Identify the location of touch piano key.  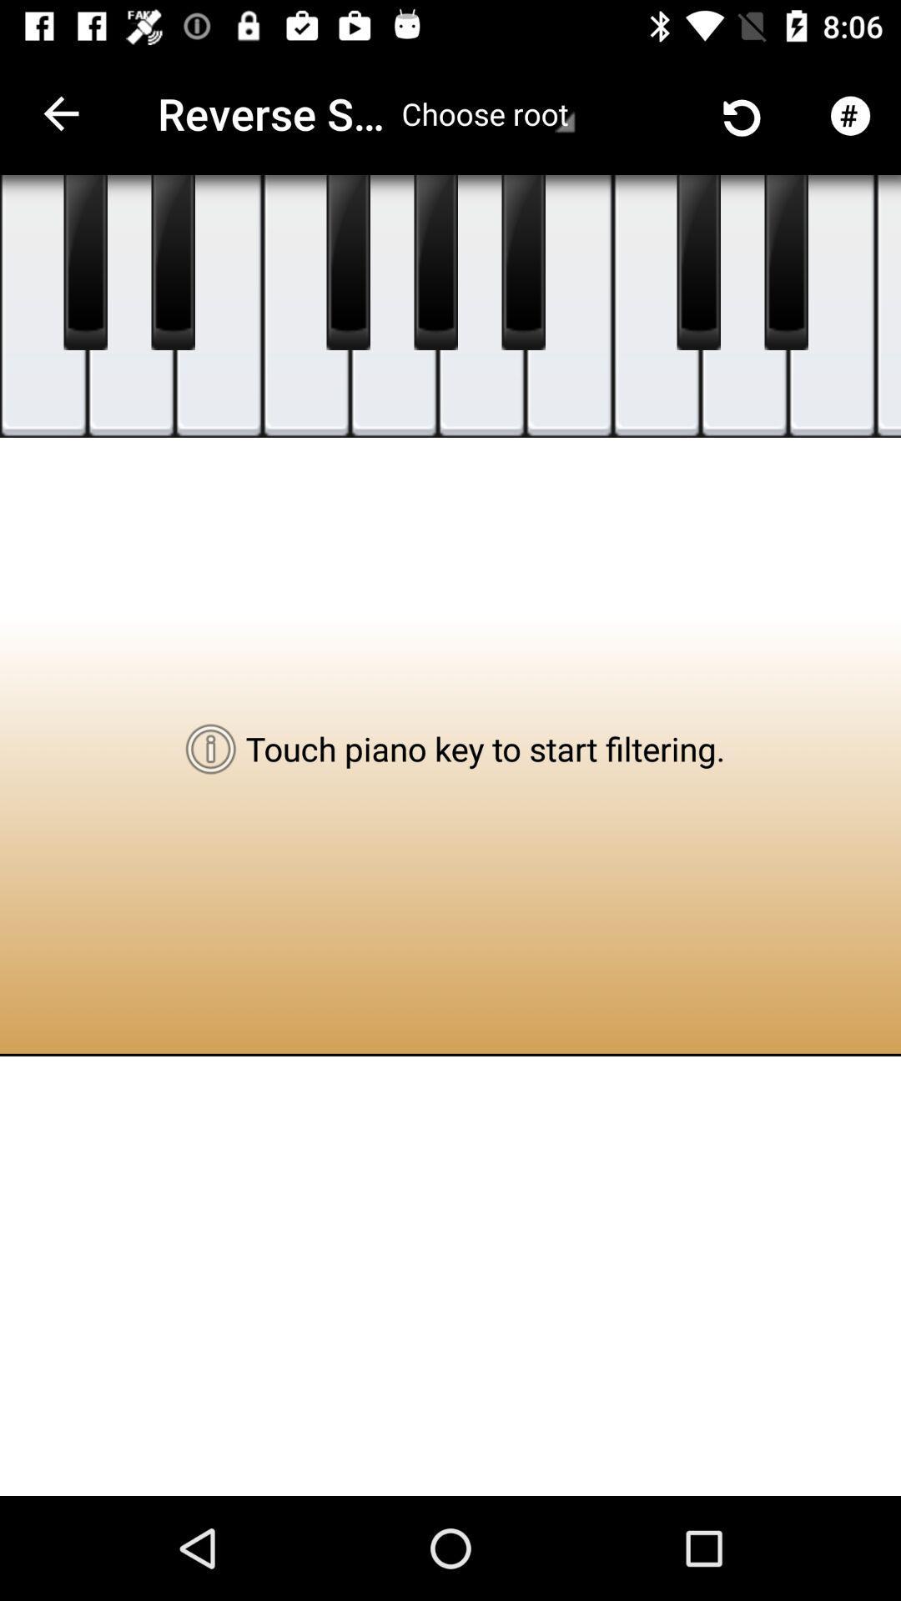
(435, 262).